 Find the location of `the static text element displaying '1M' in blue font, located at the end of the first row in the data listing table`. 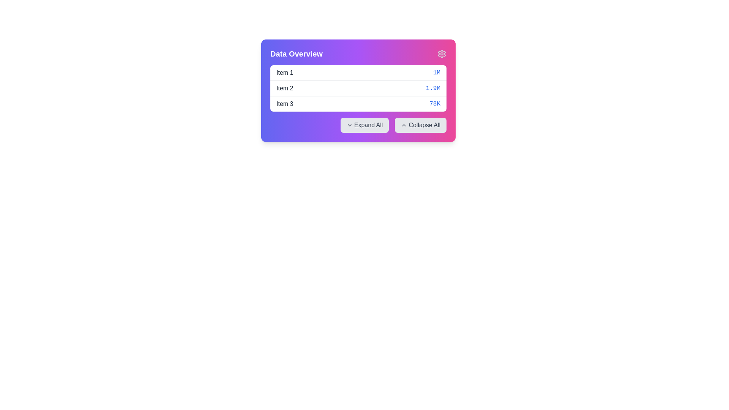

the static text element displaying '1M' in blue font, located at the end of the first row in the data listing table is located at coordinates (437, 73).